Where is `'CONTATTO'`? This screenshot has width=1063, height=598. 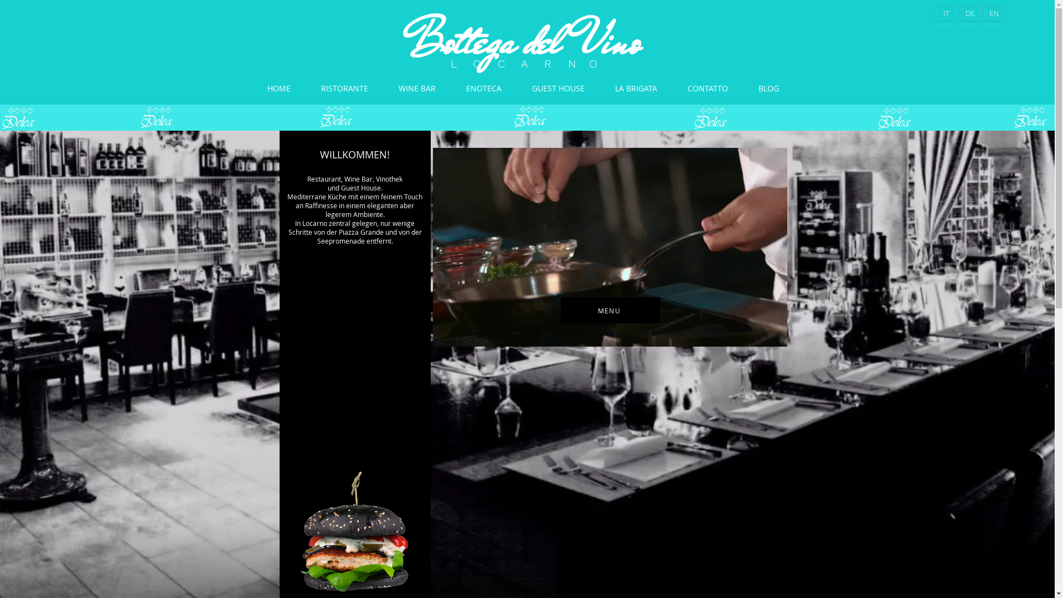
'CONTATTO' is located at coordinates (706, 87).